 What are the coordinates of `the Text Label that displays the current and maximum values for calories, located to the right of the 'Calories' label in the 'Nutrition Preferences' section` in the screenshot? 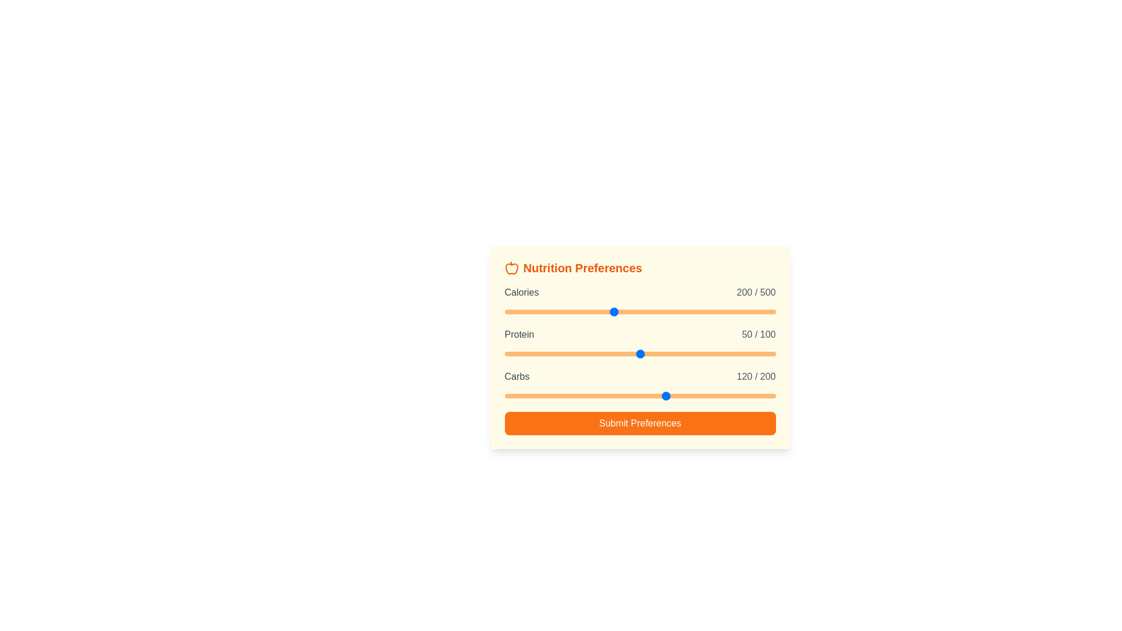 It's located at (756, 292).